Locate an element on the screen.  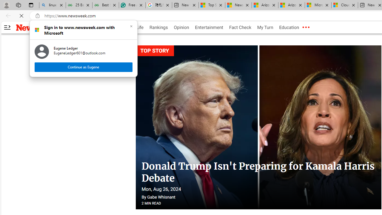
'Continue as Eugene' is located at coordinates (83, 67).